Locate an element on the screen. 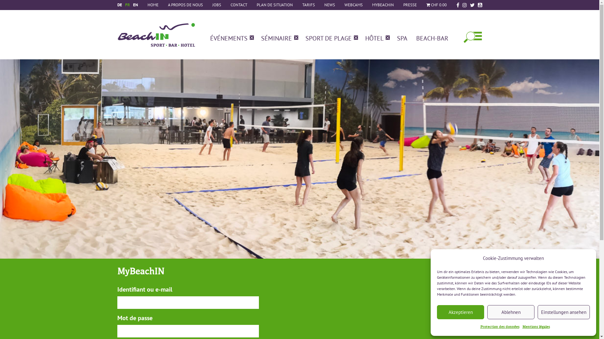 Image resolution: width=604 pixels, height=339 pixels. 'NEWS' is located at coordinates (320, 5).